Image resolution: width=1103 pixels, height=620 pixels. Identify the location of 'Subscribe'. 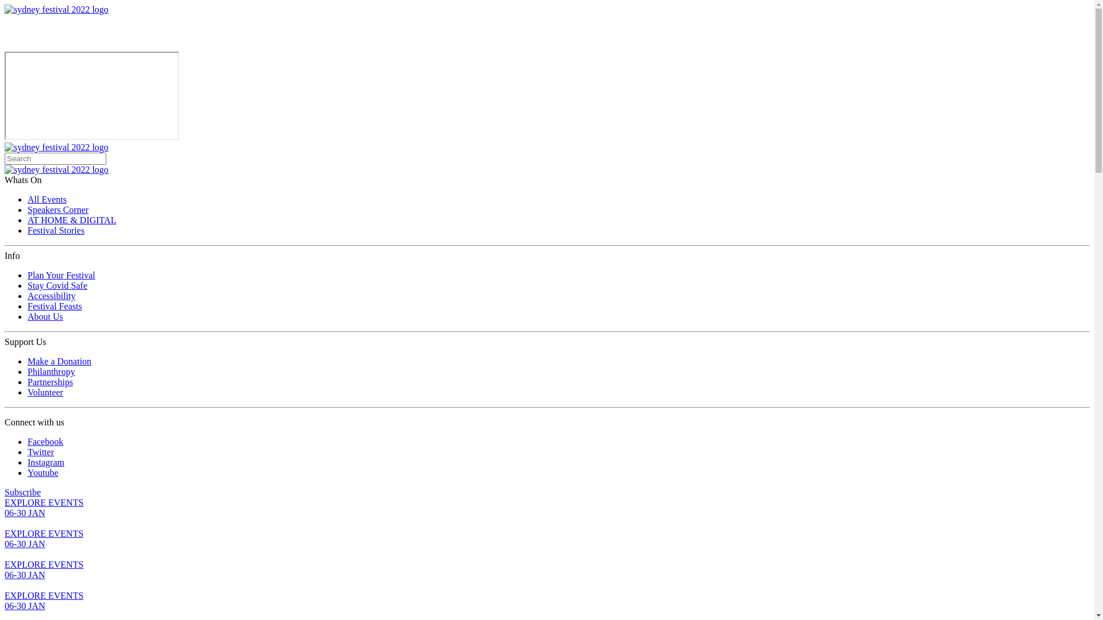
(5, 491).